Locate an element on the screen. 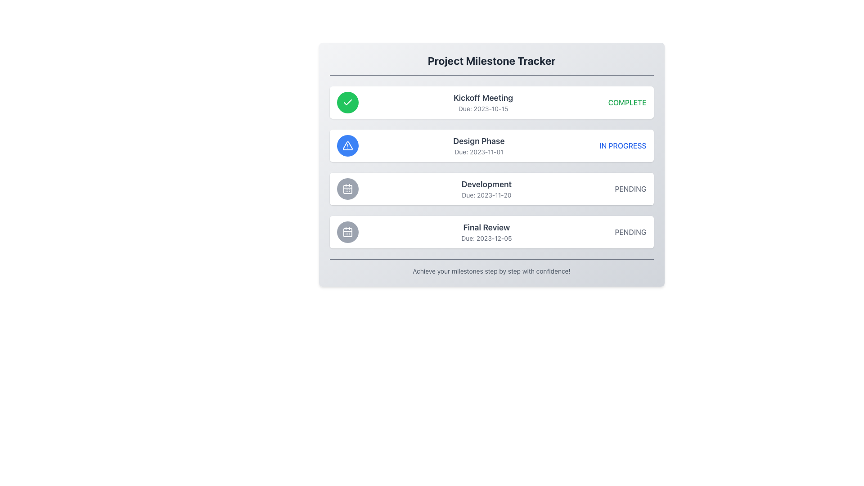 The width and height of the screenshot is (864, 486). the text block element that reads 'Achieve your milestones step by step with confidence!' which is located at the bottom of the 'Project Milestone Tracker' card is located at coordinates (491, 267).